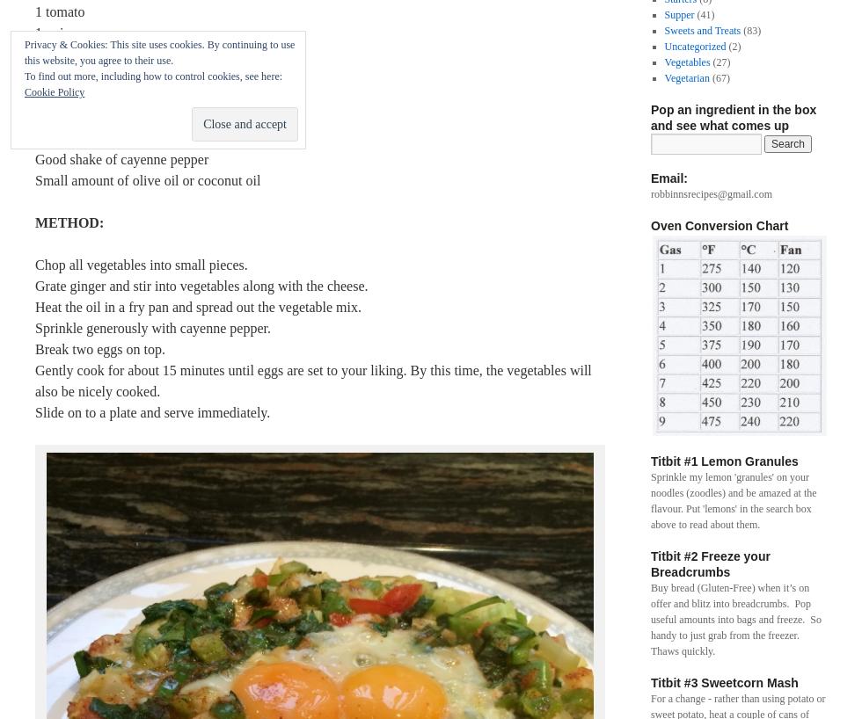 The height and width of the screenshot is (719, 862). I want to click on 'Titbit #1 Lemon Granules', so click(724, 461).